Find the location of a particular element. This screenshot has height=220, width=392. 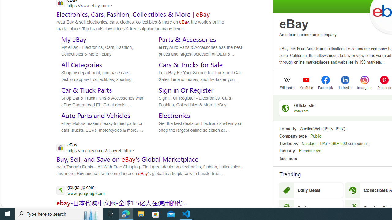

'Electronics, Cars, Fashion, Collectibles & More | eBay' is located at coordinates (133, 14).